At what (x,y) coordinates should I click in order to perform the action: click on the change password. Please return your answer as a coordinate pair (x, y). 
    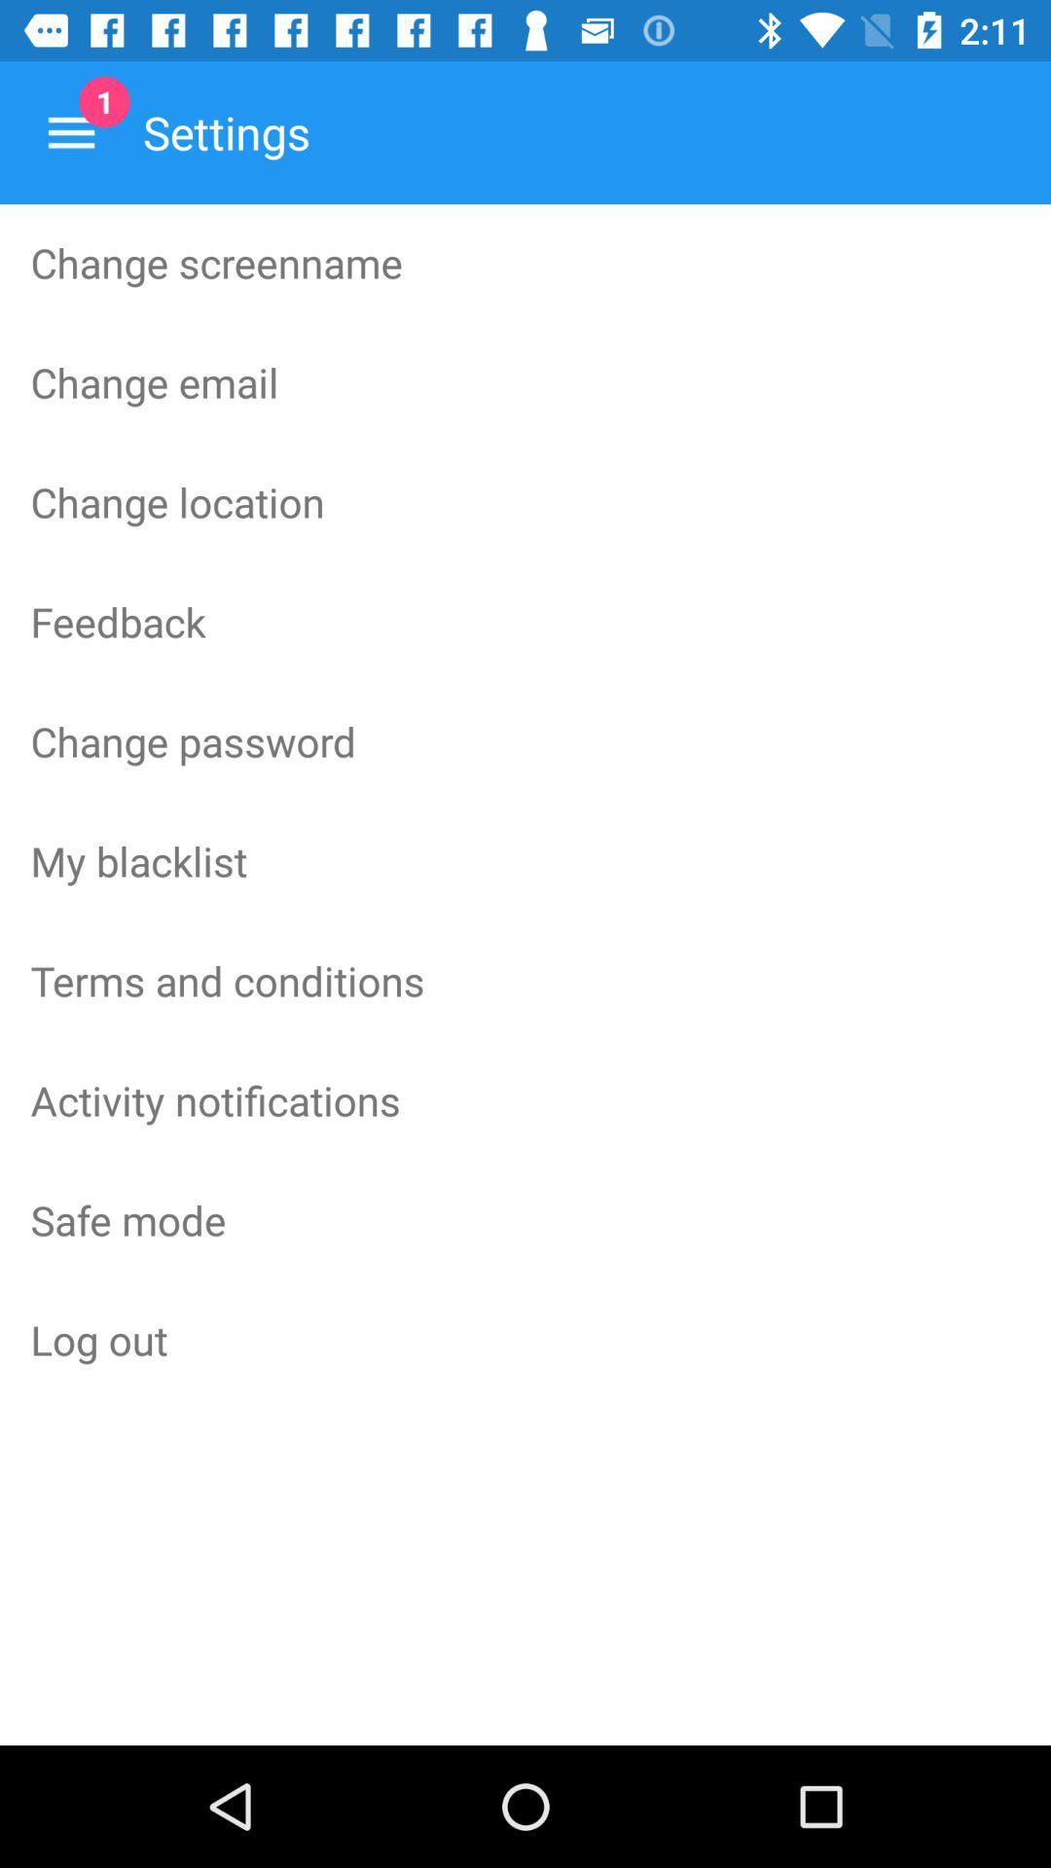
    Looking at the image, I should click on (525, 740).